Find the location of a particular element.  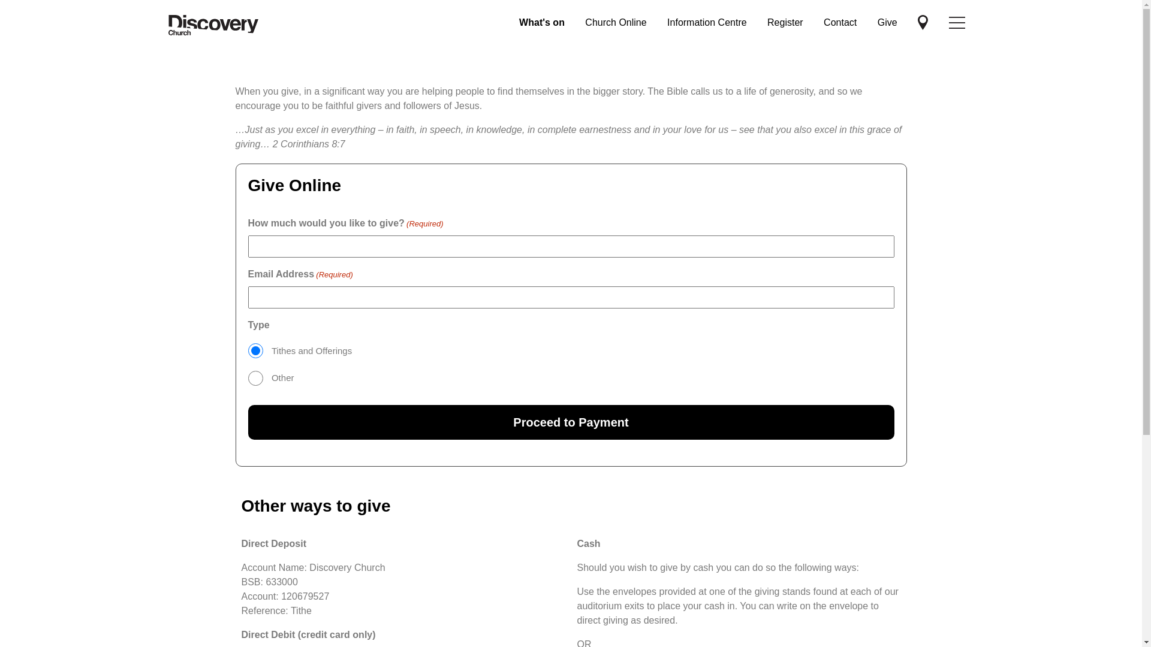

'Church Online' is located at coordinates (616, 22).